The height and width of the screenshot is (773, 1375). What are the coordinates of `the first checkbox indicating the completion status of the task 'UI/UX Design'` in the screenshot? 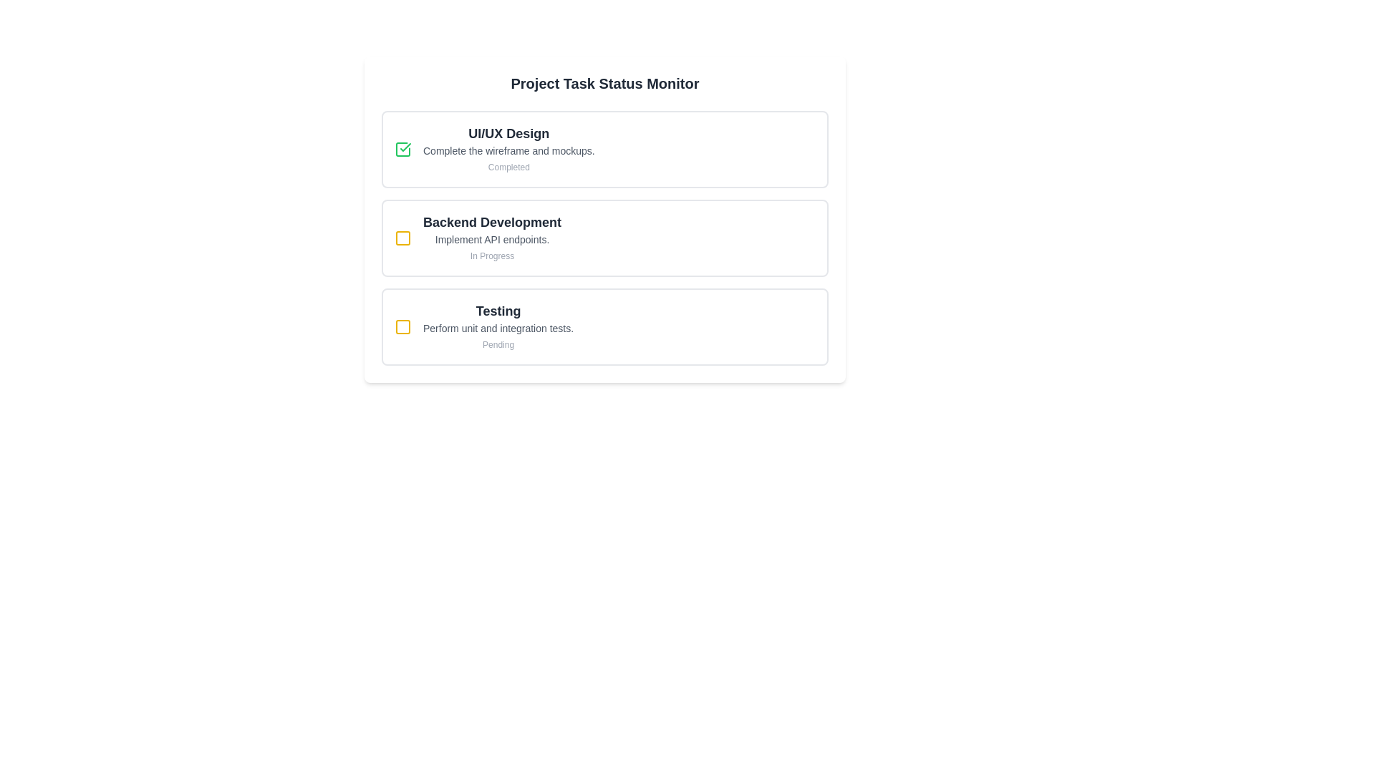 It's located at (402, 149).